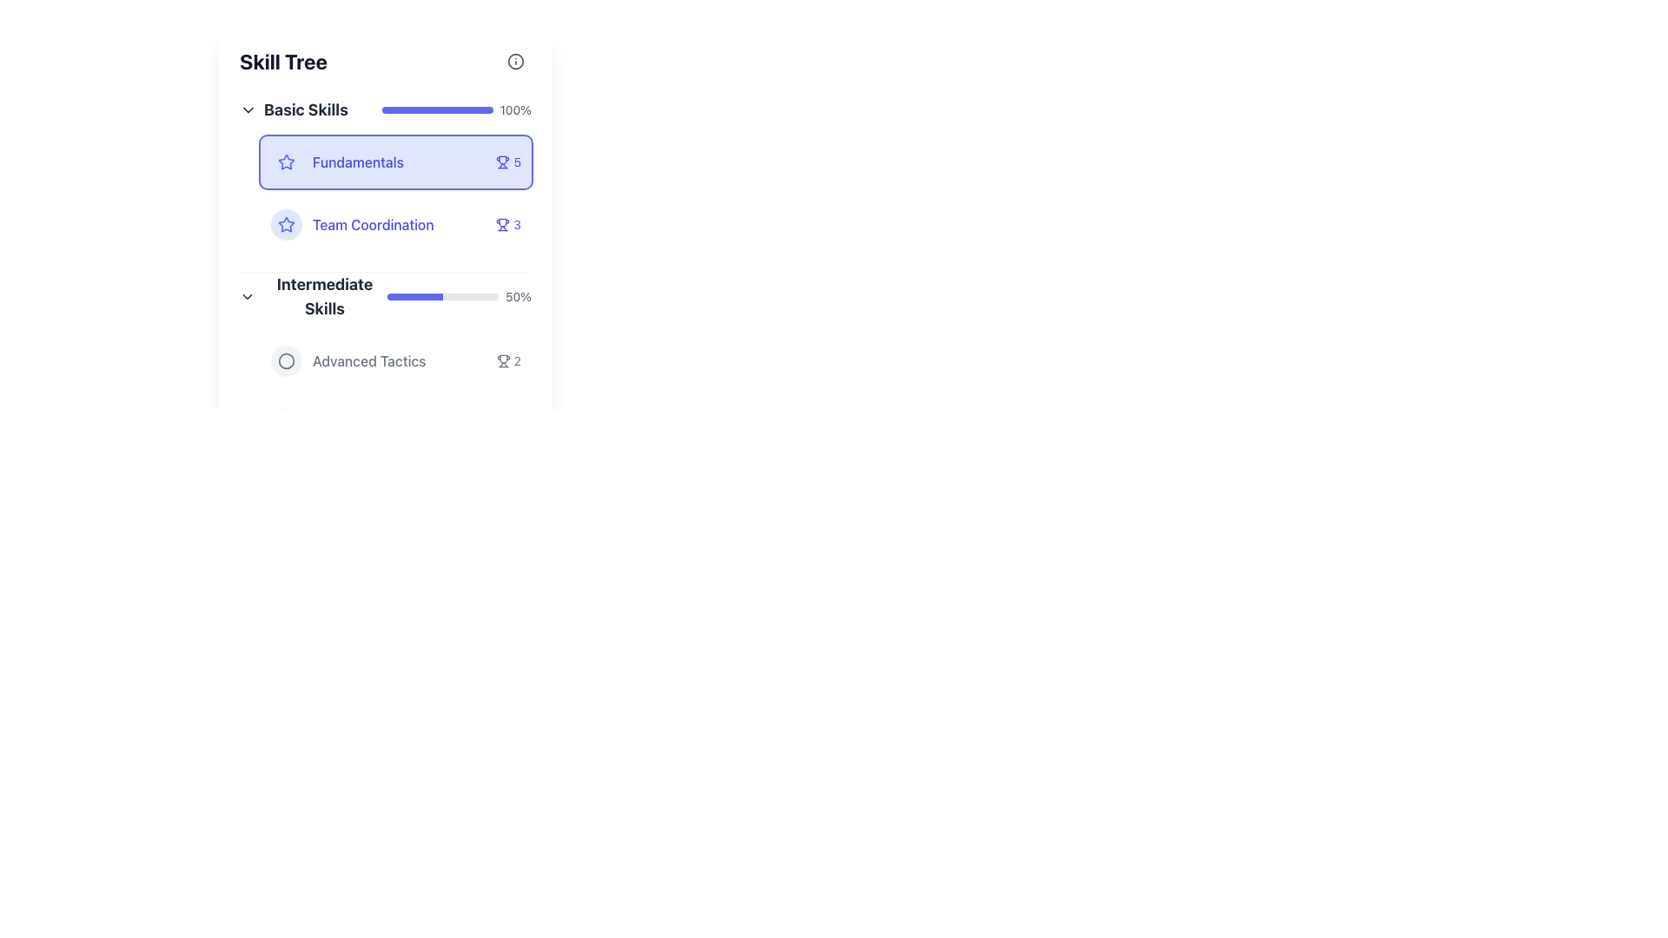 Image resolution: width=1668 pixels, height=938 pixels. Describe the element at coordinates (357, 162) in the screenshot. I see `the text label reading 'Fundamentals' located in the 'Basic Skills' section, which is styled with a medium-weight purple font and positioned second in the list of skills` at that location.